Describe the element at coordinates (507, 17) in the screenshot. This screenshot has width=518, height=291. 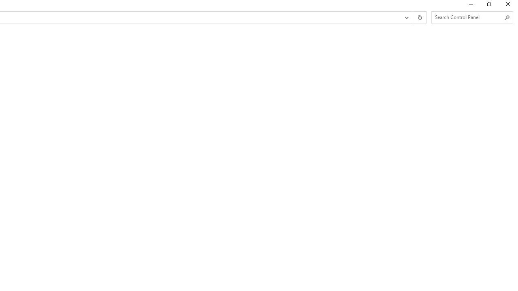
I see `'Search'` at that location.